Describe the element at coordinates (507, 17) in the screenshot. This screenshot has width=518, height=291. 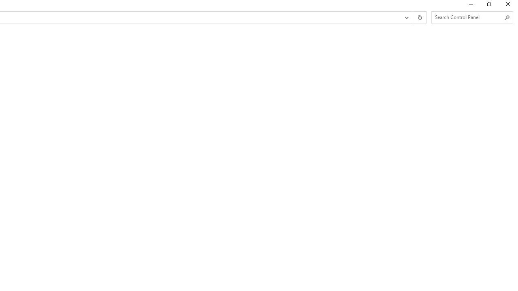
I see `'Search'` at that location.